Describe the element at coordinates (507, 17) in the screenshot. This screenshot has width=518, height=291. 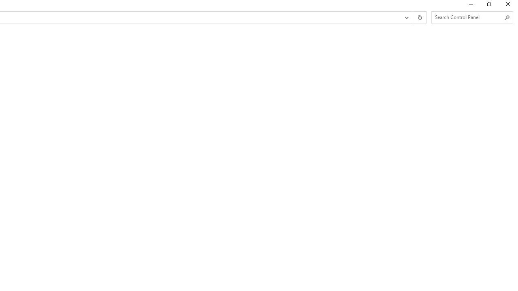
I see `'Search'` at that location.